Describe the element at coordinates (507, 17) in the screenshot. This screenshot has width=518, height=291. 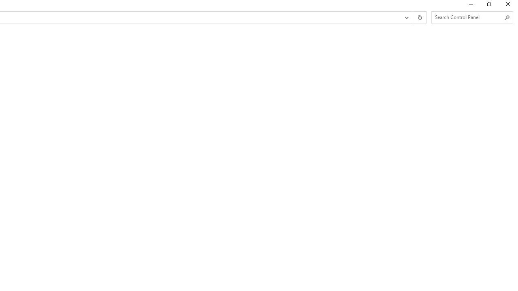
I see `'Search'` at that location.